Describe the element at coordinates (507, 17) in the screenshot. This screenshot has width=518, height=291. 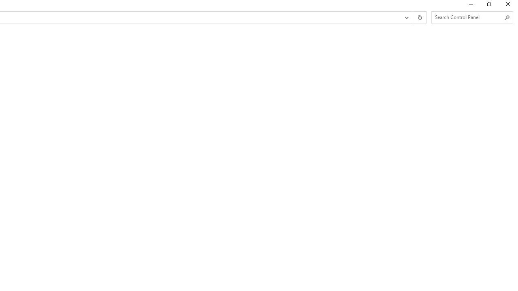
I see `'Search'` at that location.